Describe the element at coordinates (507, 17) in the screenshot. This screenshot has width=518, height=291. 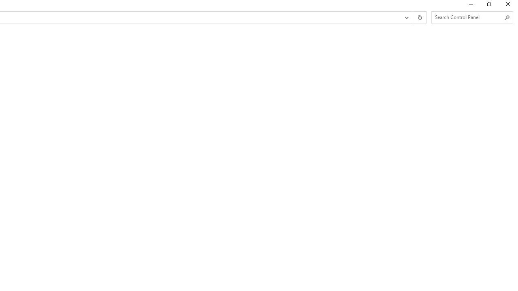
I see `'Search'` at that location.